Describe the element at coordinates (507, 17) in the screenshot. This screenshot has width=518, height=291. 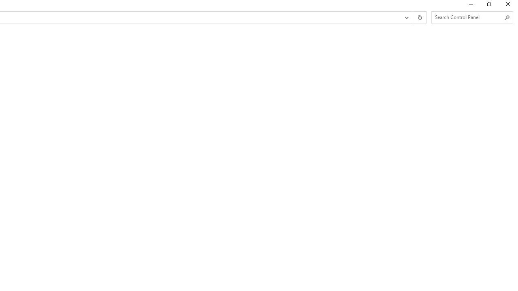
I see `'Search'` at that location.